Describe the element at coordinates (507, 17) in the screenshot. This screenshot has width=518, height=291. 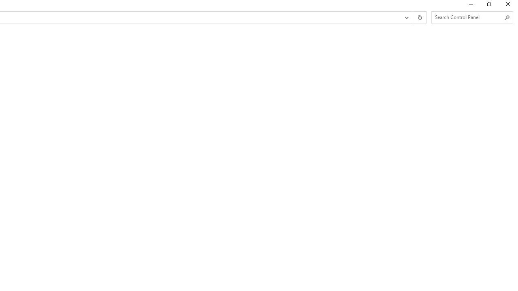
I see `'Search'` at that location.